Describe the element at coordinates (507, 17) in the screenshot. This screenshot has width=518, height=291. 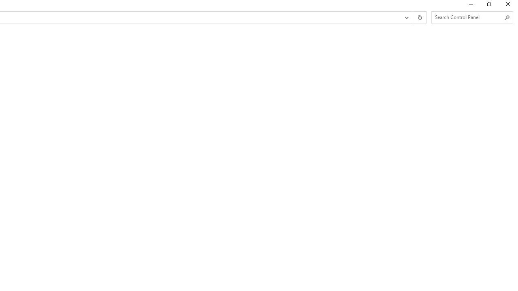
I see `'Search'` at that location.